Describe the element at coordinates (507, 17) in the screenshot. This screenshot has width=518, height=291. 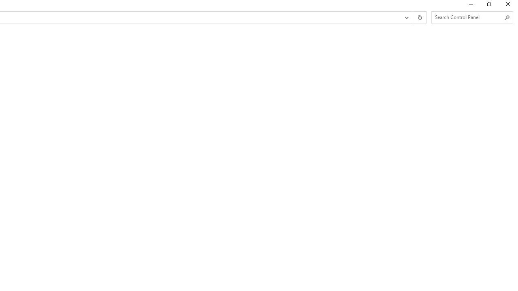
I see `'Search'` at that location.